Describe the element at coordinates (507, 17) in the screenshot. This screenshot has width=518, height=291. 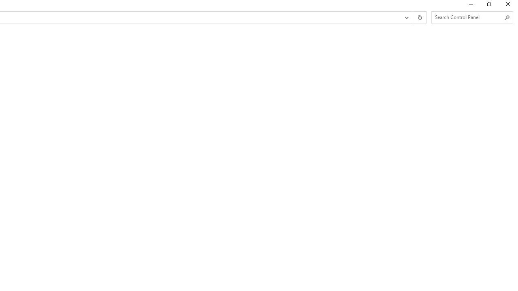
I see `'Search'` at that location.